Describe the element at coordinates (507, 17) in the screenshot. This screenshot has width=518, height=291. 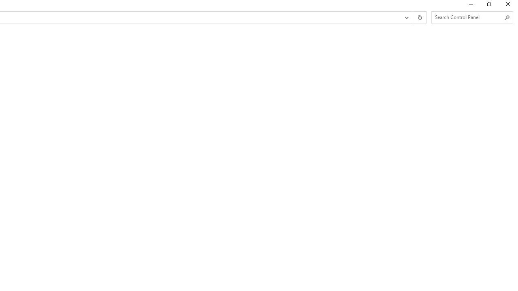
I see `'Search'` at that location.